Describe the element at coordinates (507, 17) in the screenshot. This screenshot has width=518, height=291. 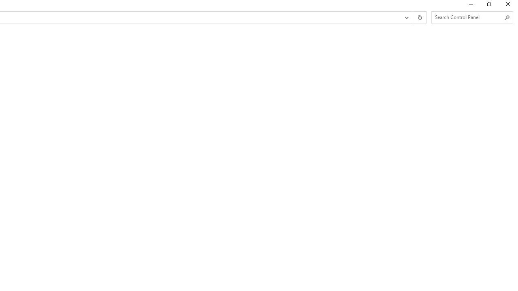
I see `'Search'` at that location.